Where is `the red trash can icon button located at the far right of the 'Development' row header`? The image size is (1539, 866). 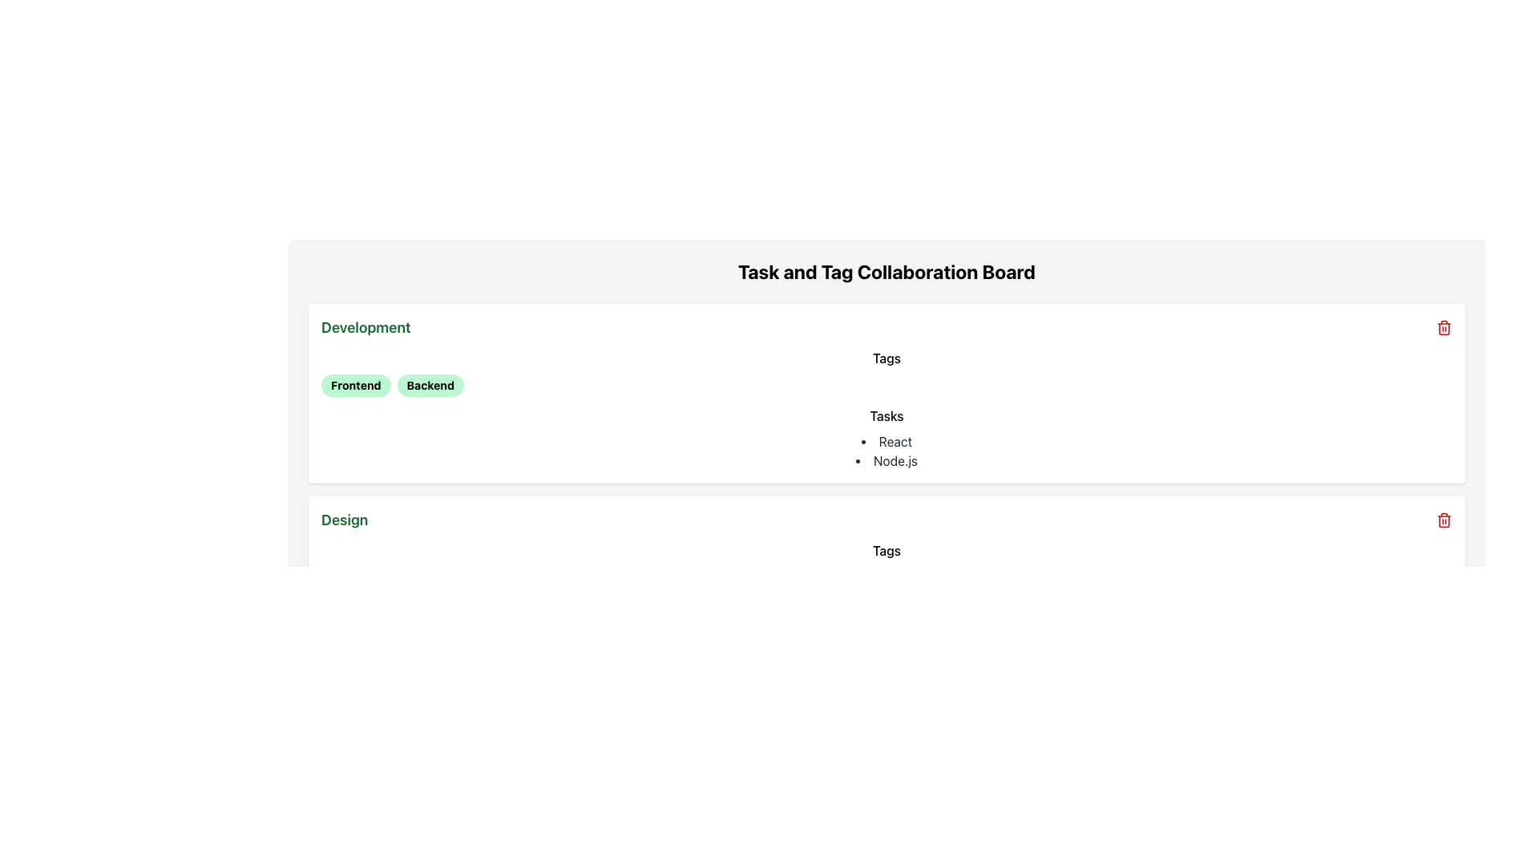
the red trash can icon button located at the far right of the 'Development' row header is located at coordinates (1444, 326).